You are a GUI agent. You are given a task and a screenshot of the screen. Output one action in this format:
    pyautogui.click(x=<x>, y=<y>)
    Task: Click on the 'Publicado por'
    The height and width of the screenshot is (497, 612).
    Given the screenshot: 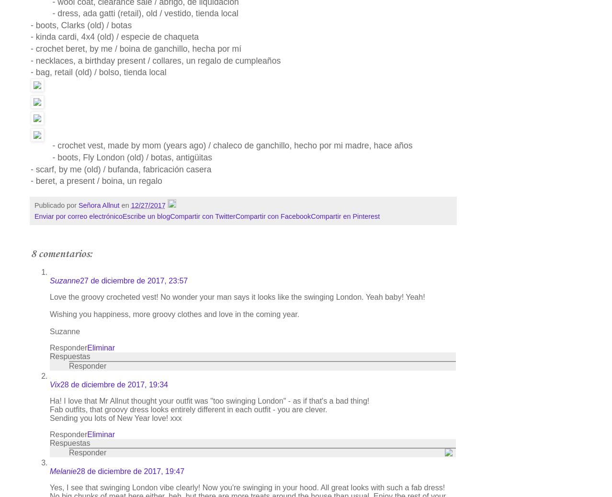 What is the action you would take?
    pyautogui.click(x=56, y=204)
    